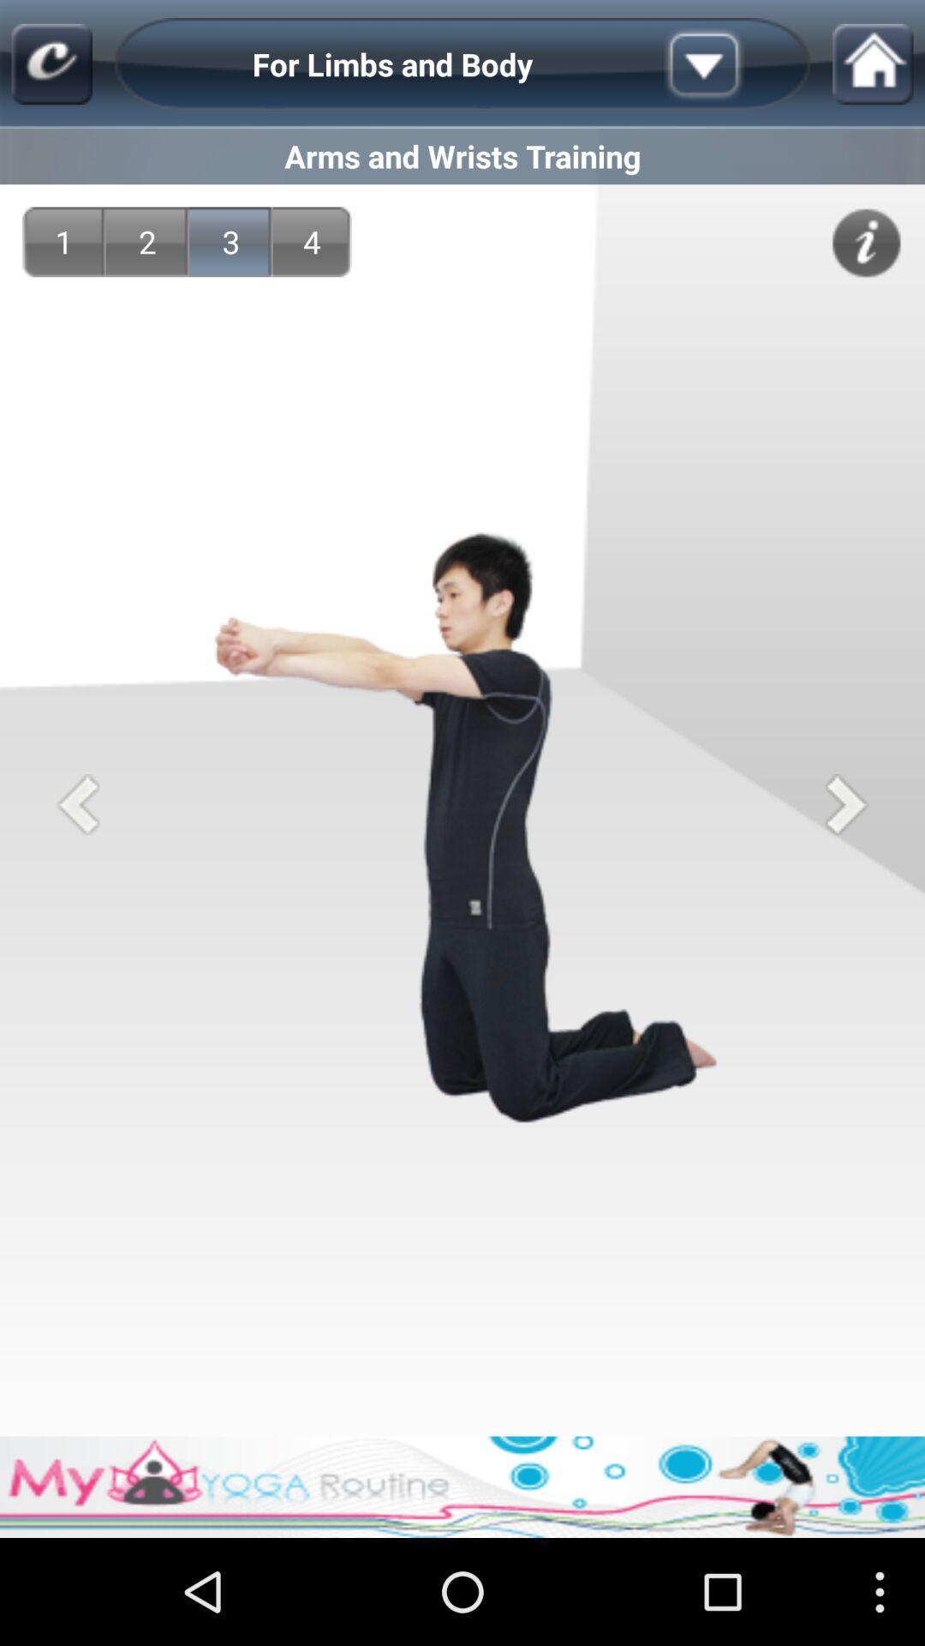 The width and height of the screenshot is (925, 1646). Describe the element at coordinates (51, 64) in the screenshot. I see `icon to the left of the for limbs and` at that location.